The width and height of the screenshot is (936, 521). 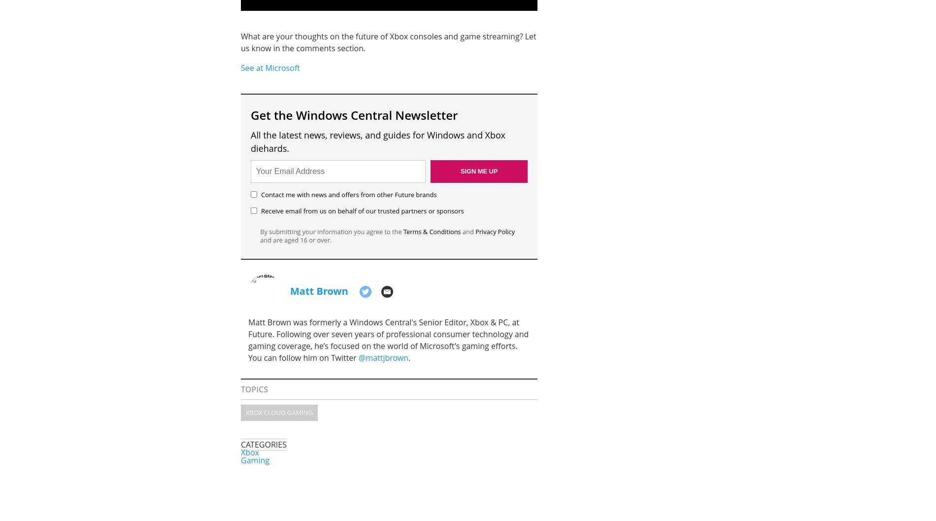 What do you see at coordinates (357, 357) in the screenshot?
I see `'@mattjbrown'` at bounding box center [357, 357].